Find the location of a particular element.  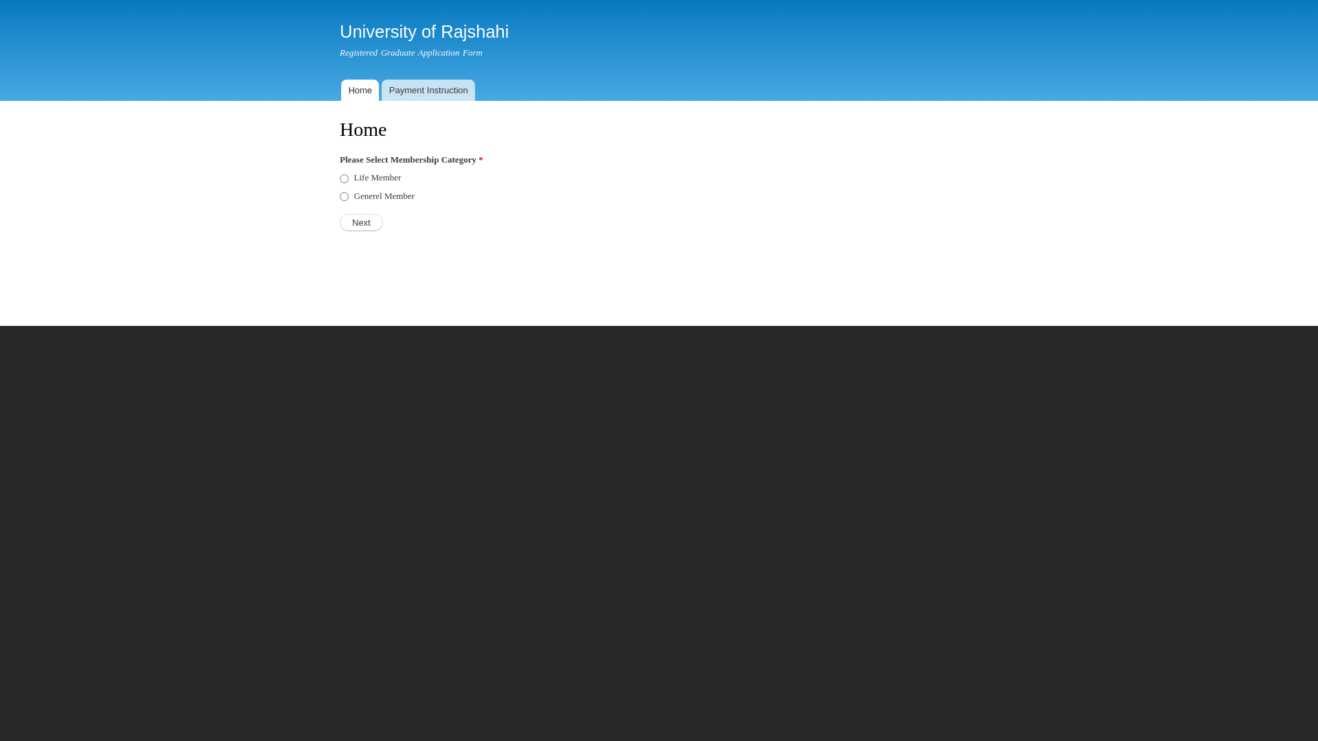

'Payment Instruction' is located at coordinates (428, 90).